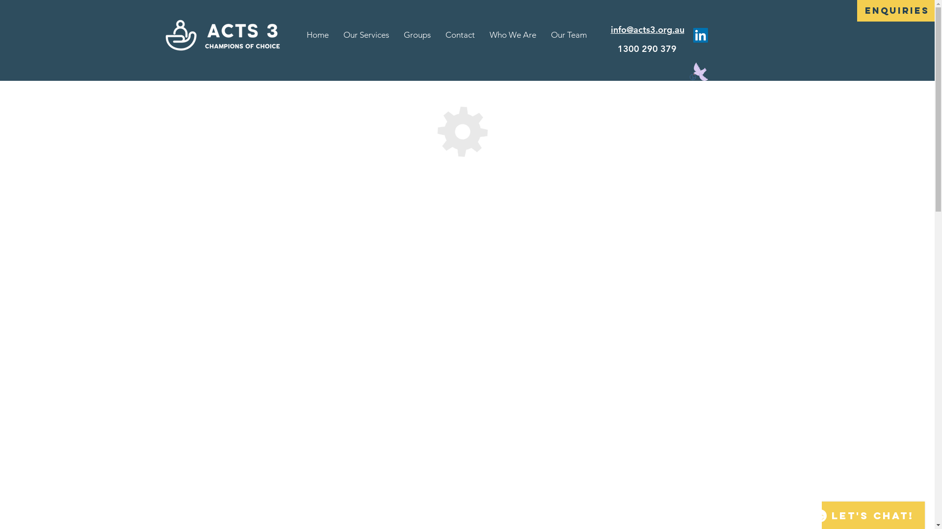 The height and width of the screenshot is (529, 942). What do you see at coordinates (396, 34) in the screenshot?
I see `'Groups'` at bounding box center [396, 34].